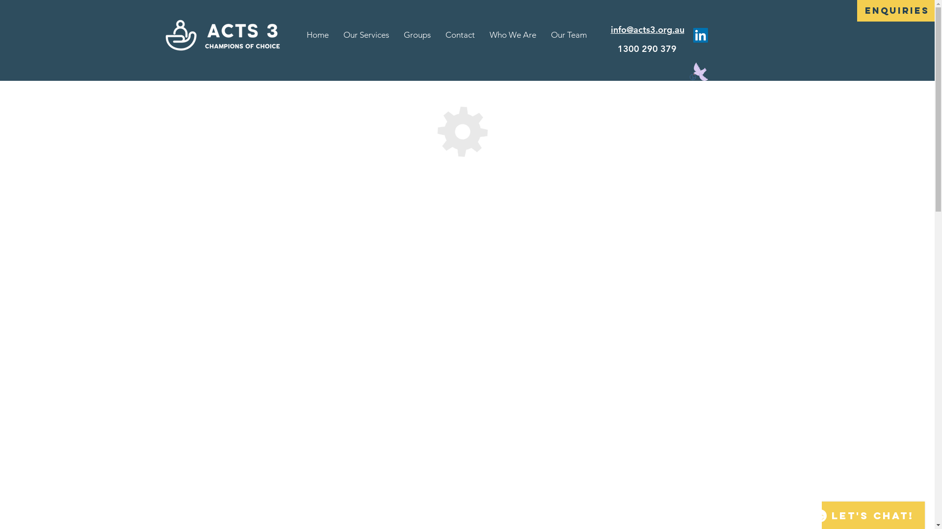 The height and width of the screenshot is (529, 942). What do you see at coordinates (396, 34) in the screenshot?
I see `'Groups'` at bounding box center [396, 34].